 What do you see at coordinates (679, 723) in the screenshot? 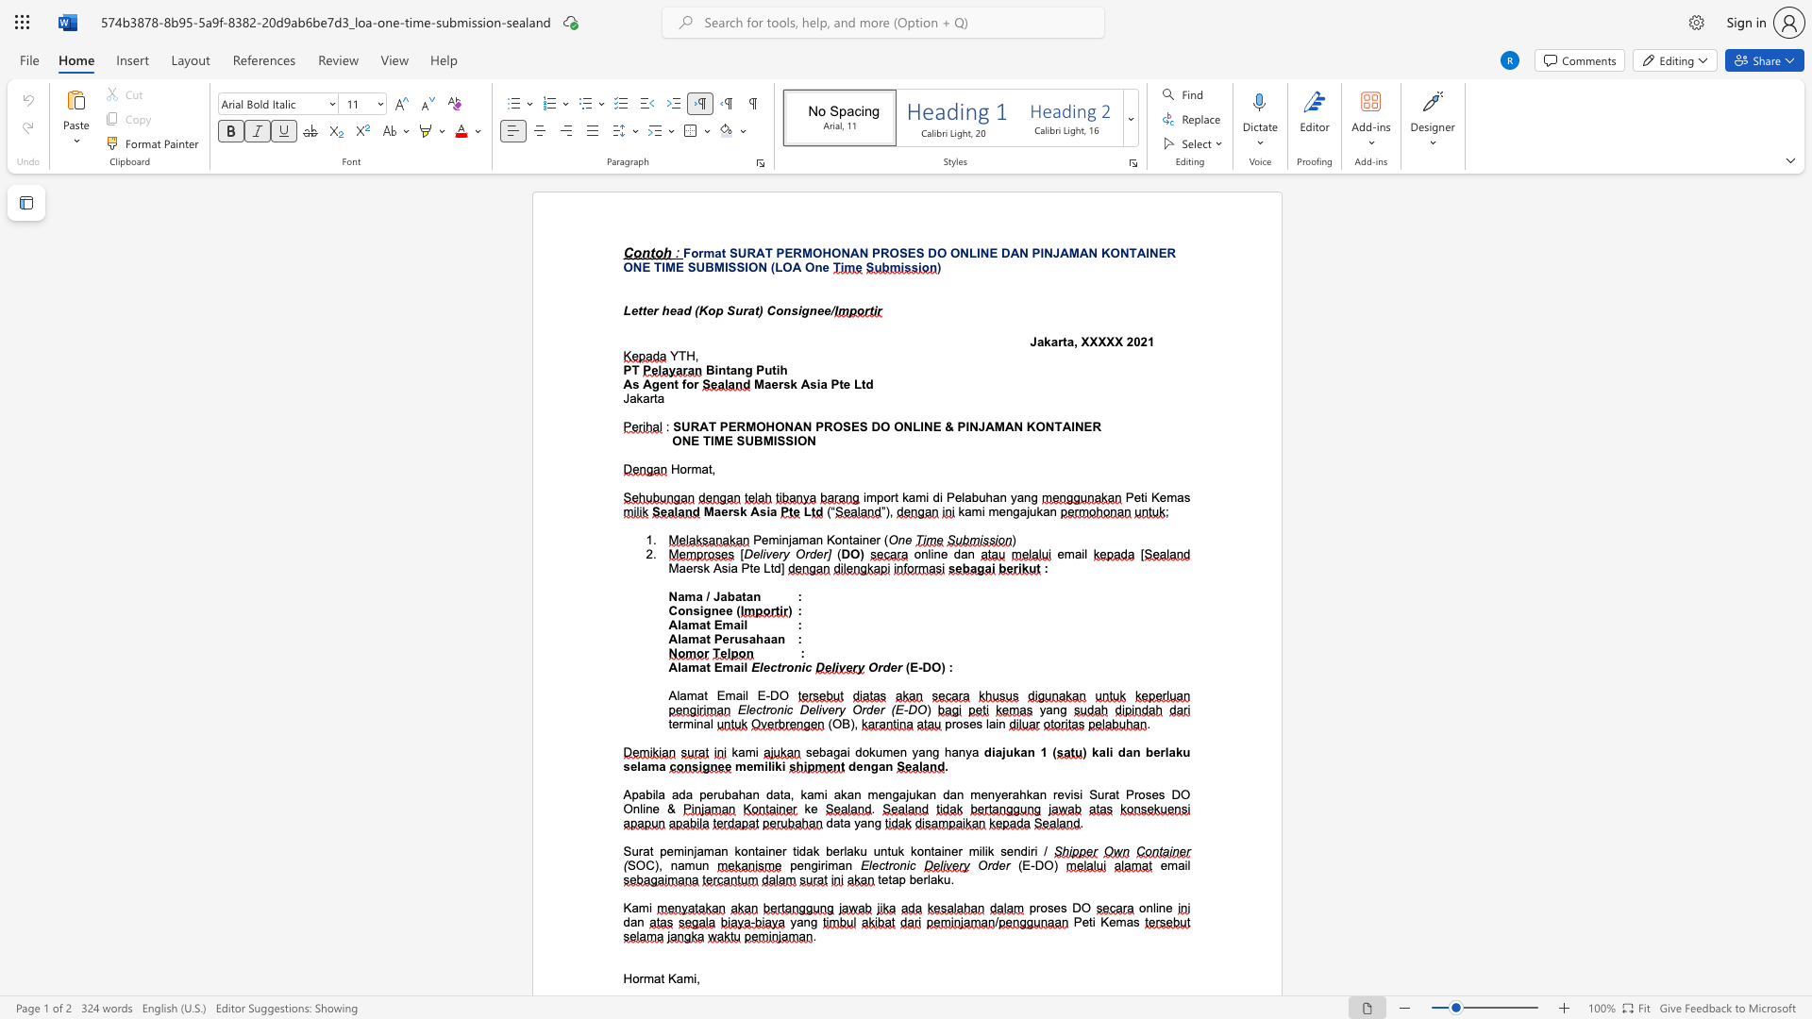
I see `the subset text "rmin" within the text "terminal"` at bounding box center [679, 723].